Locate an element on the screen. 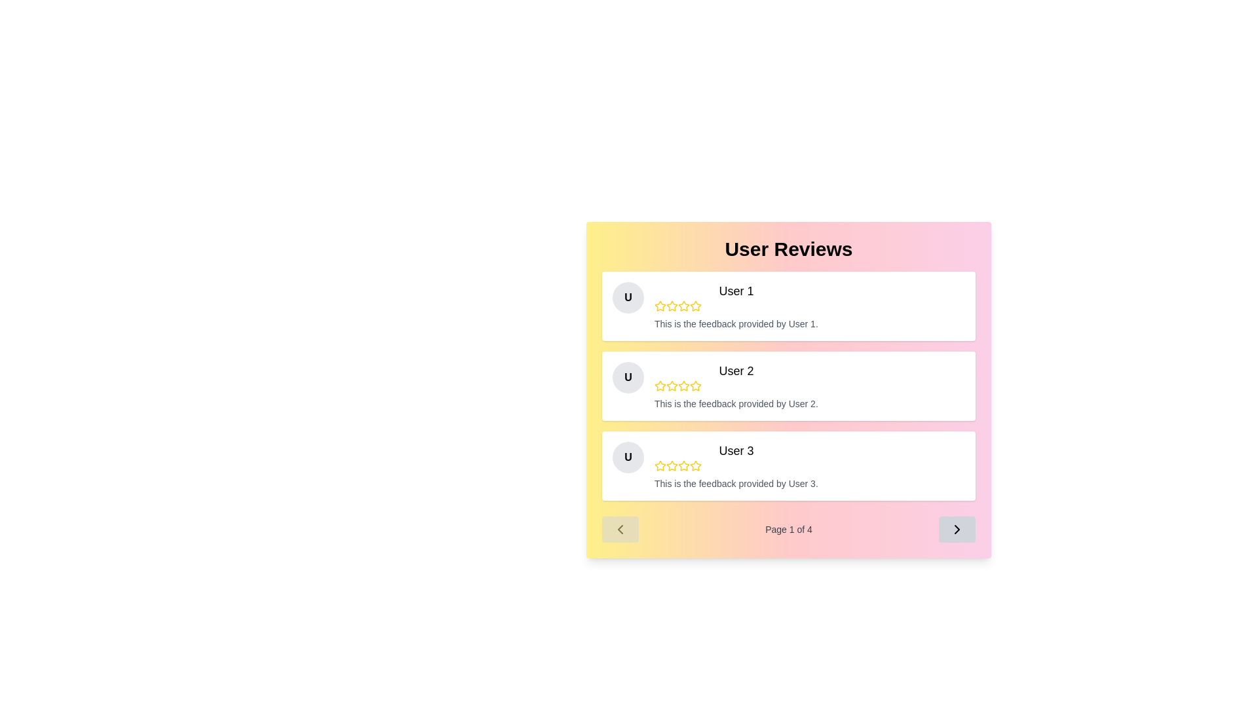 This screenshot has height=707, width=1258. the rating stars for 'User 3', which visually represent the user rating system with yellow stars indicating the rating given is located at coordinates (736, 465).